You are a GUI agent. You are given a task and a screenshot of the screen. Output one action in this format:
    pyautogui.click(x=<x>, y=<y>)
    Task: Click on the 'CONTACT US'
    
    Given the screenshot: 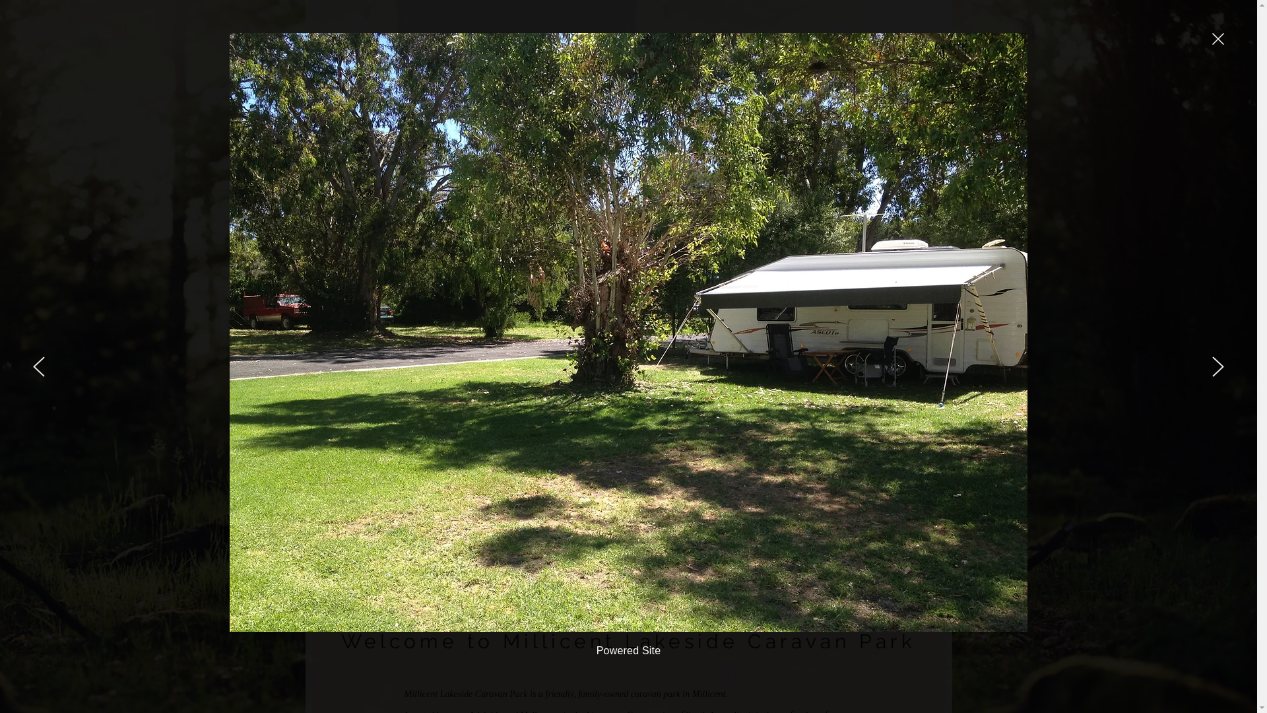 What is the action you would take?
    pyautogui.click(x=864, y=197)
    